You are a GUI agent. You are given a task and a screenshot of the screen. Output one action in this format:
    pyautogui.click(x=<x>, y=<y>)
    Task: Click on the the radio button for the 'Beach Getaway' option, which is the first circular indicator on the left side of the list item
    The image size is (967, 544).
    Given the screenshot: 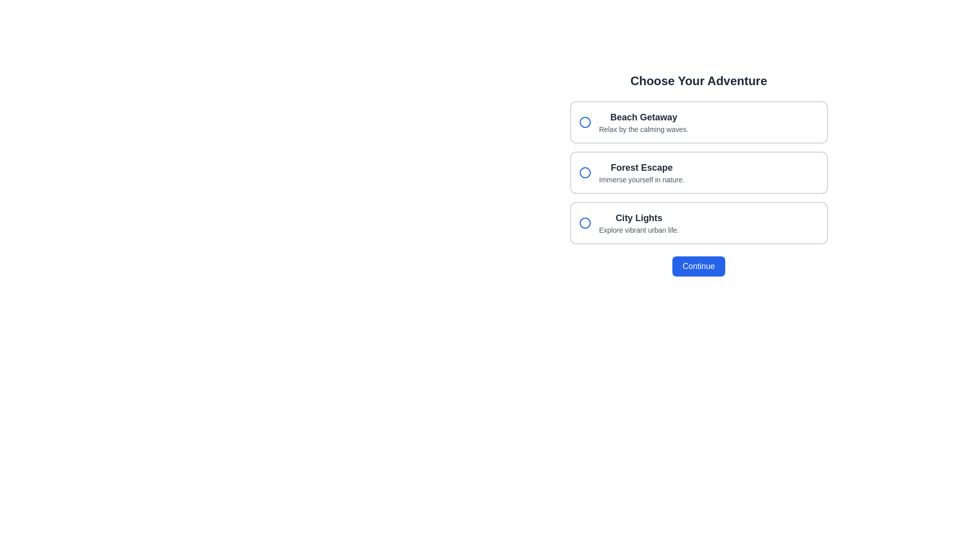 What is the action you would take?
    pyautogui.click(x=585, y=122)
    